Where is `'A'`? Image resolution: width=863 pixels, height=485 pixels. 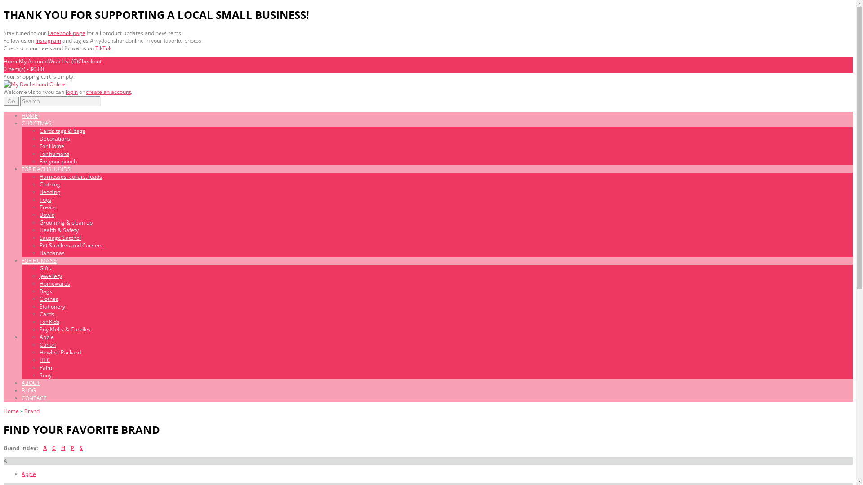 'A' is located at coordinates (44, 448).